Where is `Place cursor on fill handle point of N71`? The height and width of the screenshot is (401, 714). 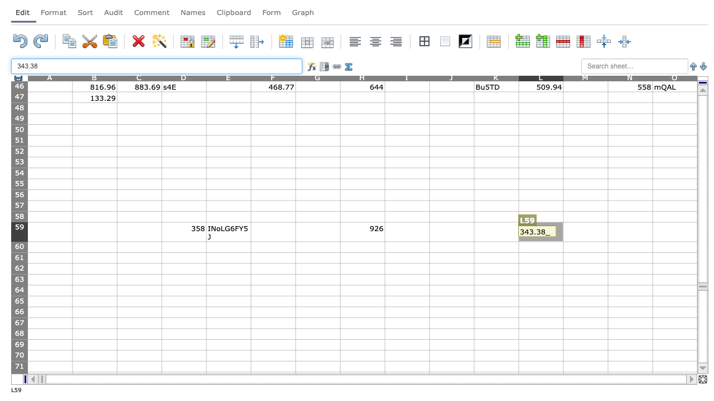
Place cursor on fill handle point of N71 is located at coordinates (653, 372).